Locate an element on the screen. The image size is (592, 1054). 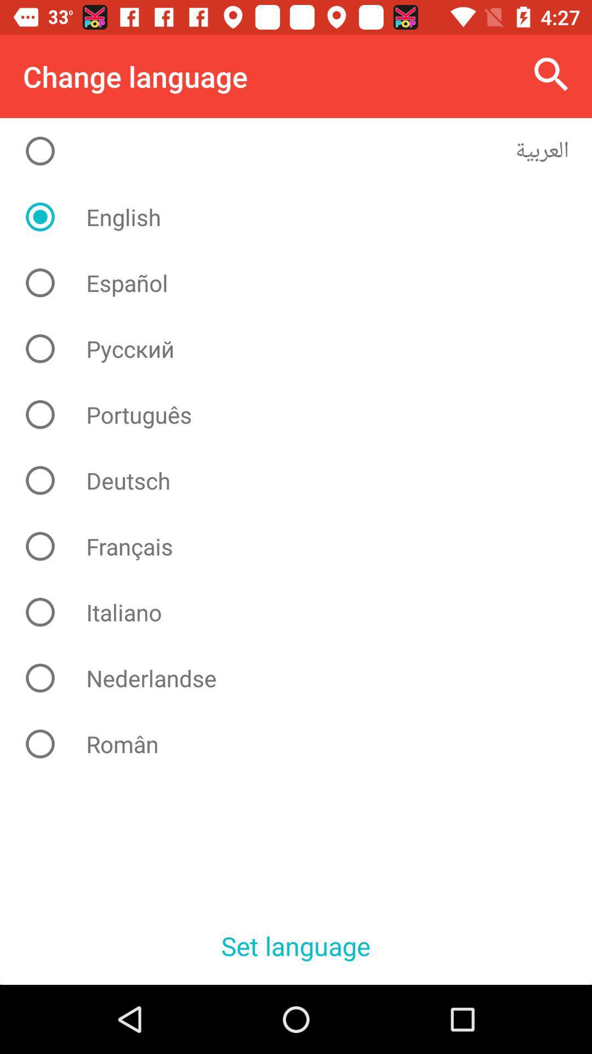
english icon is located at coordinates (304, 217).